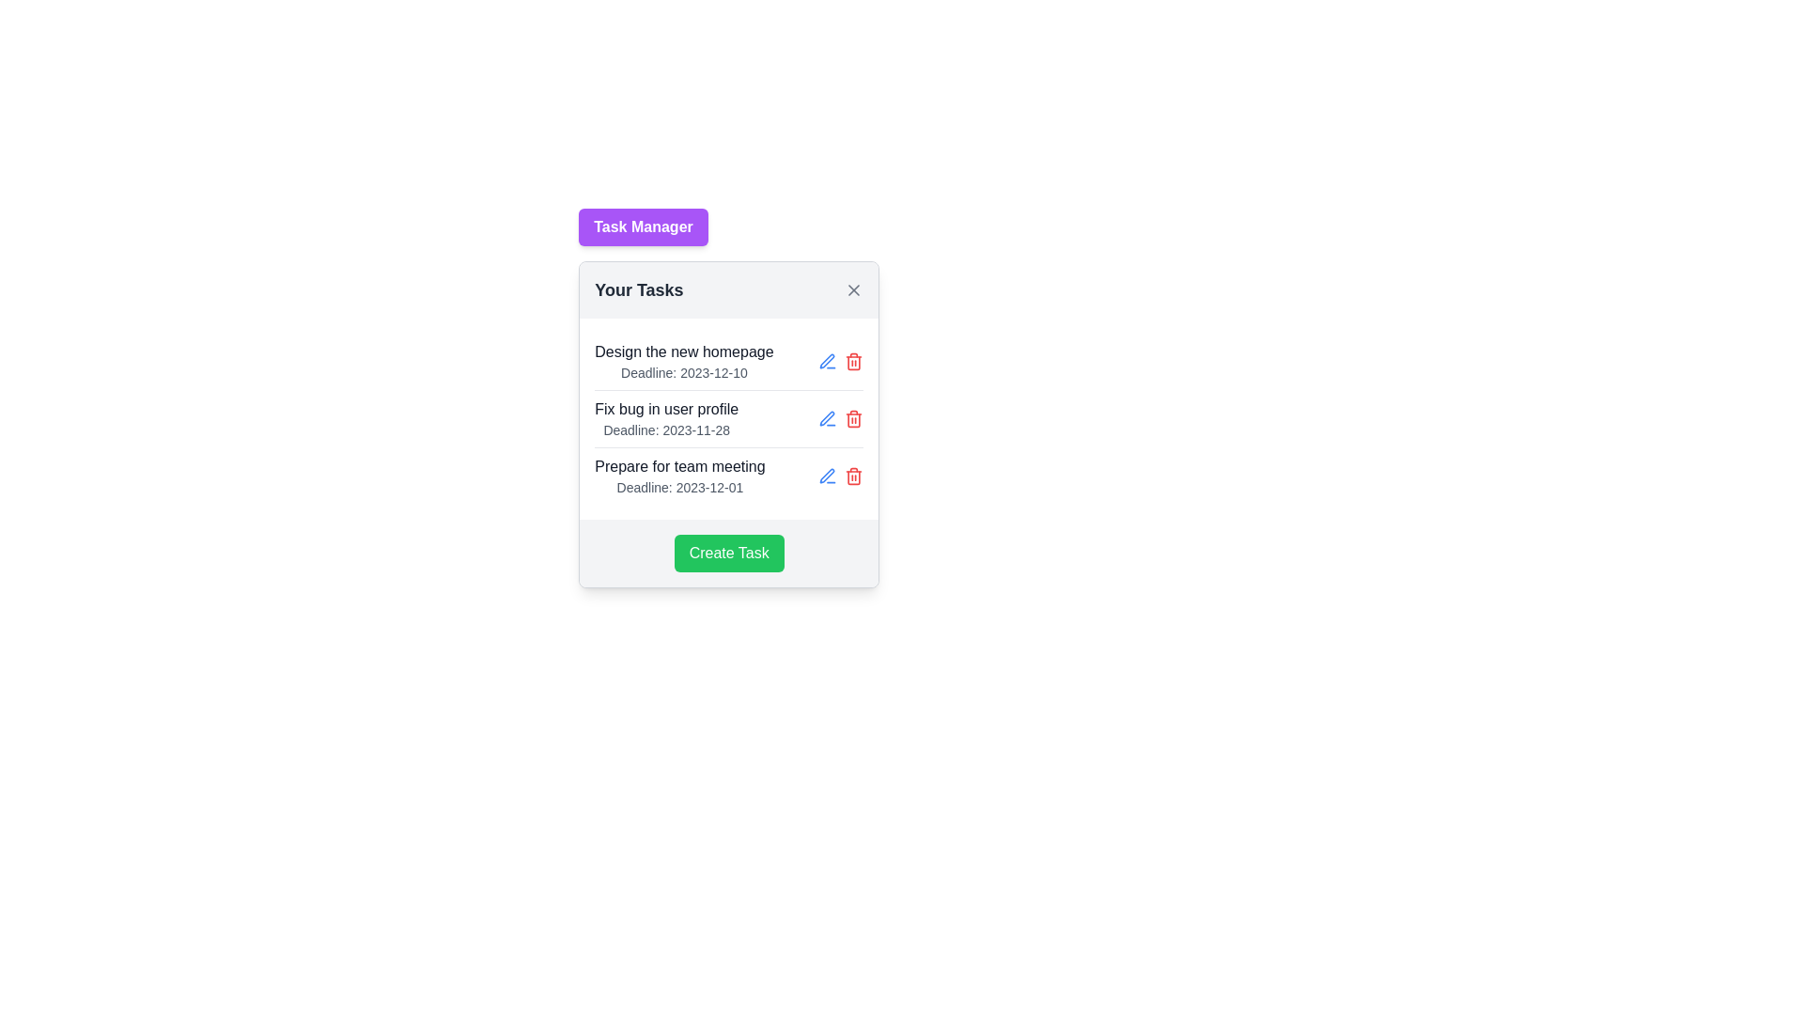  I want to click on the topmost text label for the first task entry in the 'Your Tasks' section, which describes the task's main objective, so click(683, 351).